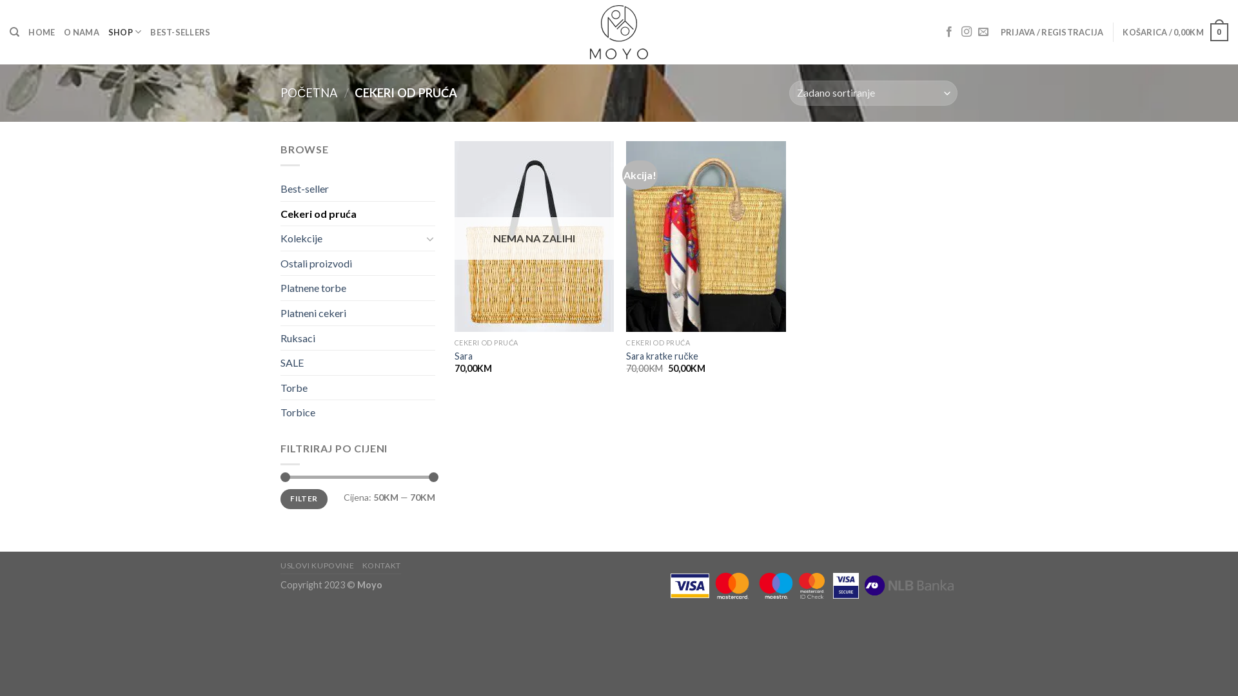 This screenshot has width=1238, height=696. I want to click on 'HOME', so click(41, 32).